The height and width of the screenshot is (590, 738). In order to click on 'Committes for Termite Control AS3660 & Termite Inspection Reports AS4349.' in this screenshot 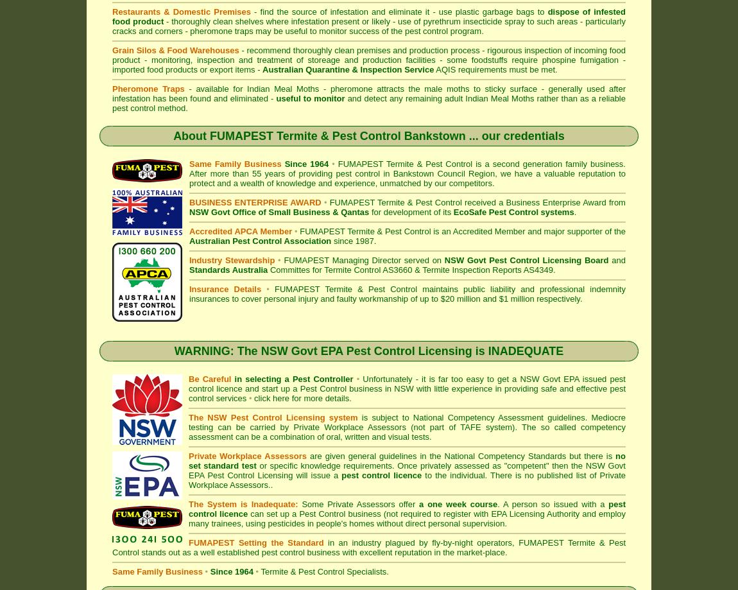, I will do `click(411, 270)`.